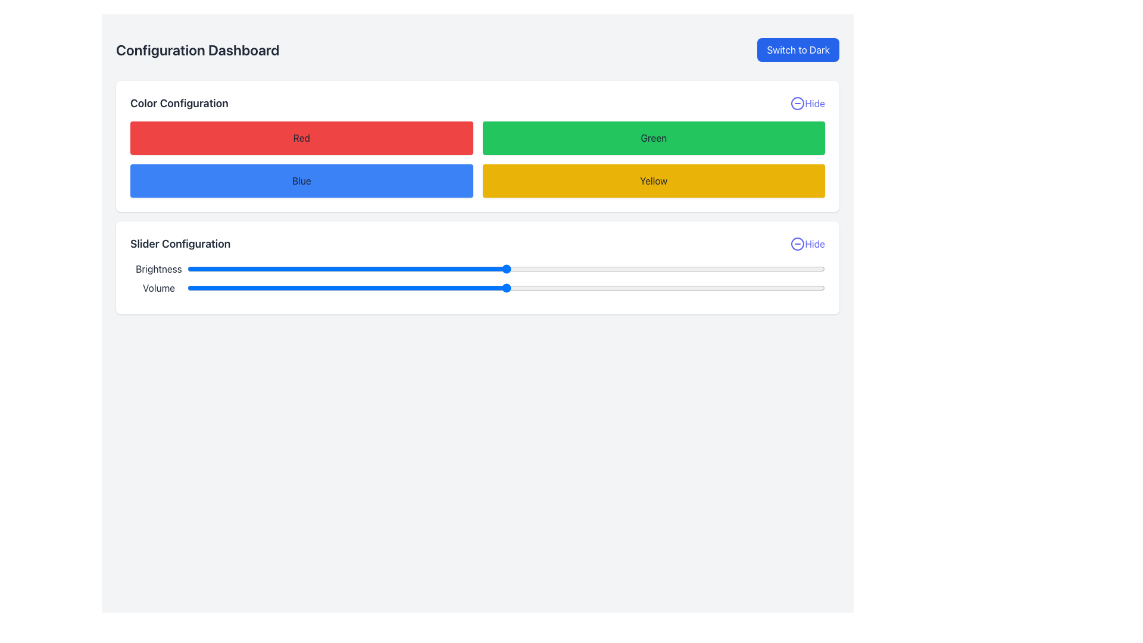  I want to click on volume, so click(385, 288).